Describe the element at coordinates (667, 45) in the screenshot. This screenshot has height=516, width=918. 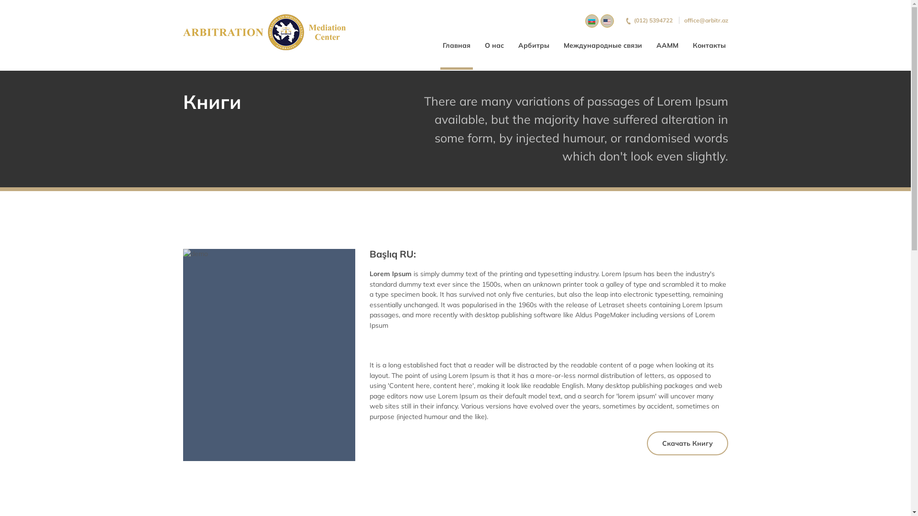
I see `'AAMM'` at that location.